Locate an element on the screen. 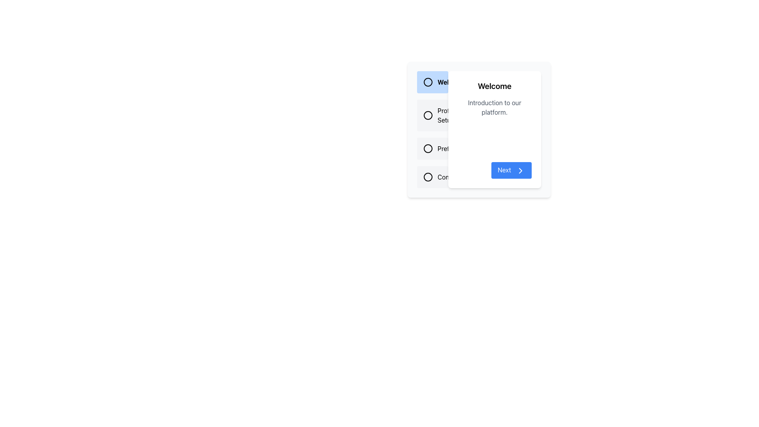  the Radio Button Indicator within the 'Preferences' list item to change its active state is located at coordinates (428, 148).